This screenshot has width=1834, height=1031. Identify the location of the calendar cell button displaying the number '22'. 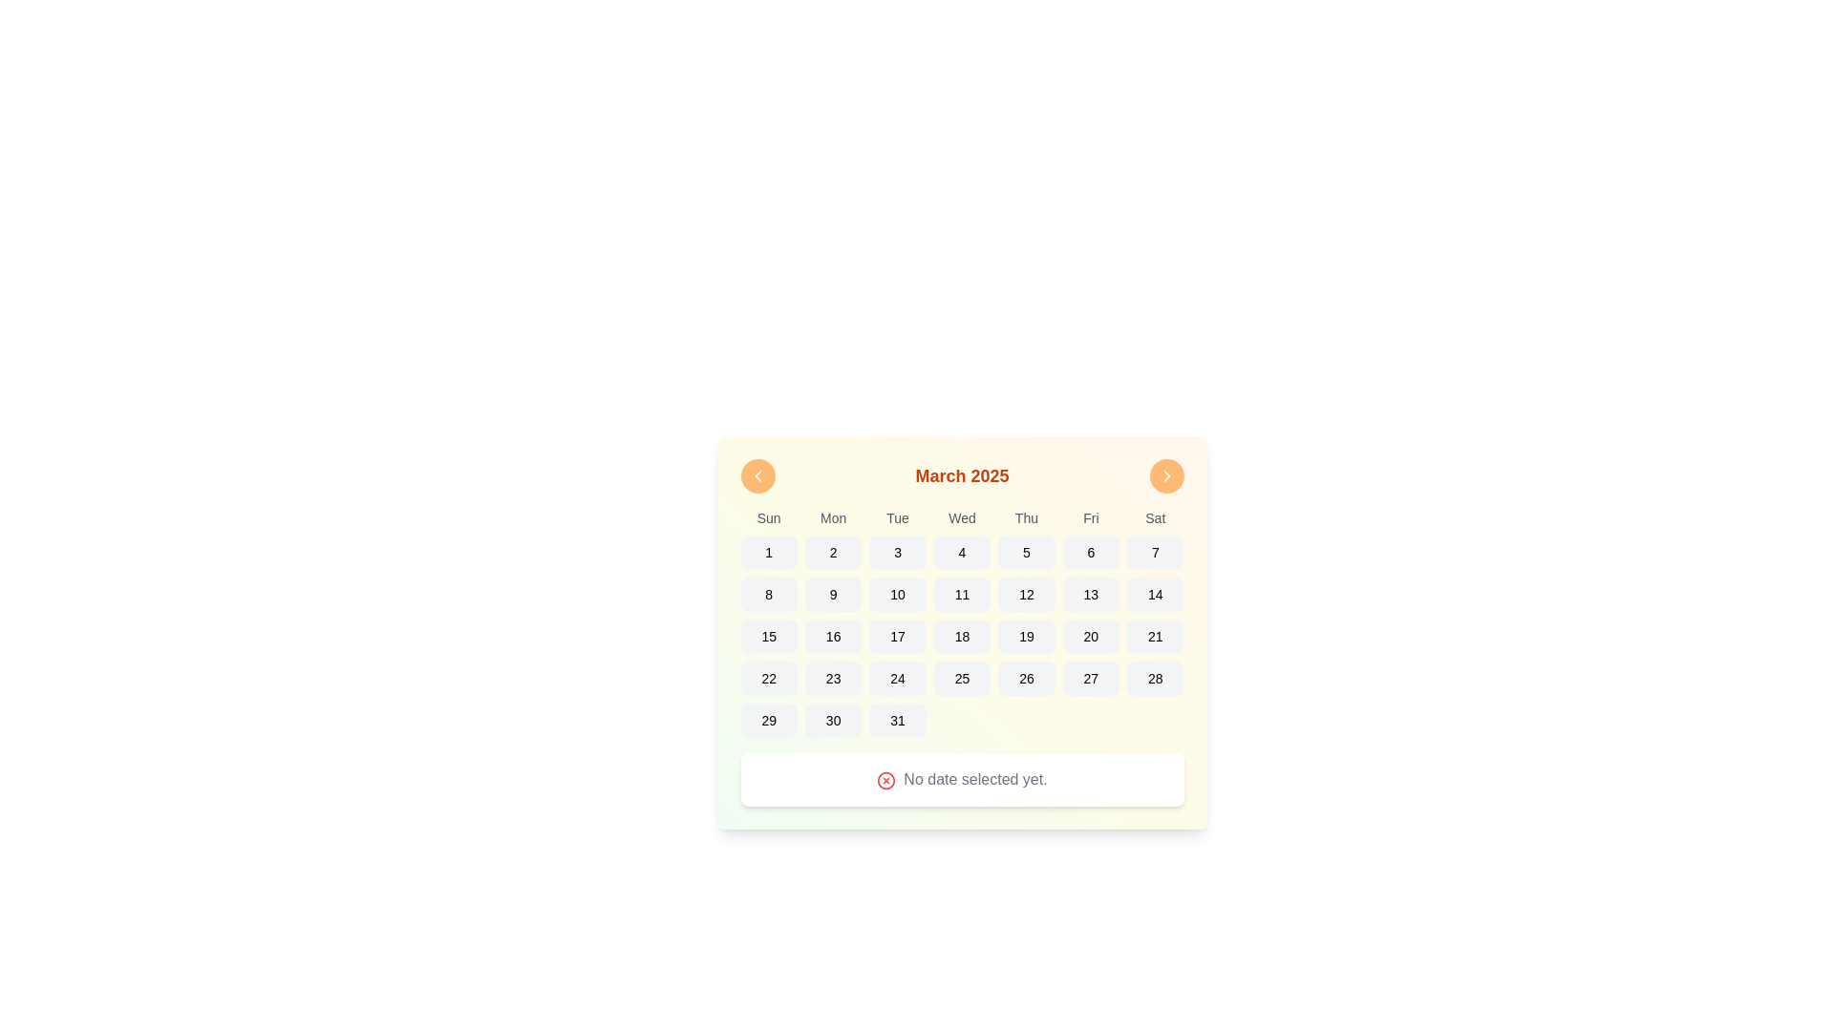
(769, 677).